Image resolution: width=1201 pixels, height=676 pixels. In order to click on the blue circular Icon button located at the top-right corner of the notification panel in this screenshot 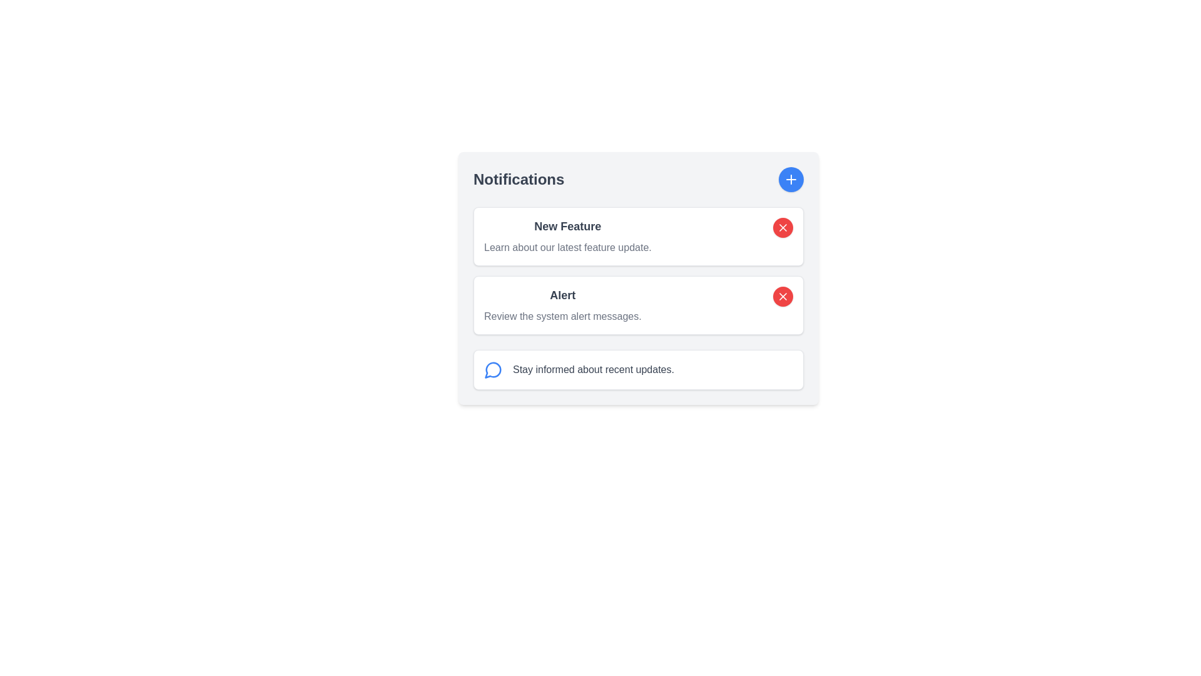, I will do `click(791, 179)`.